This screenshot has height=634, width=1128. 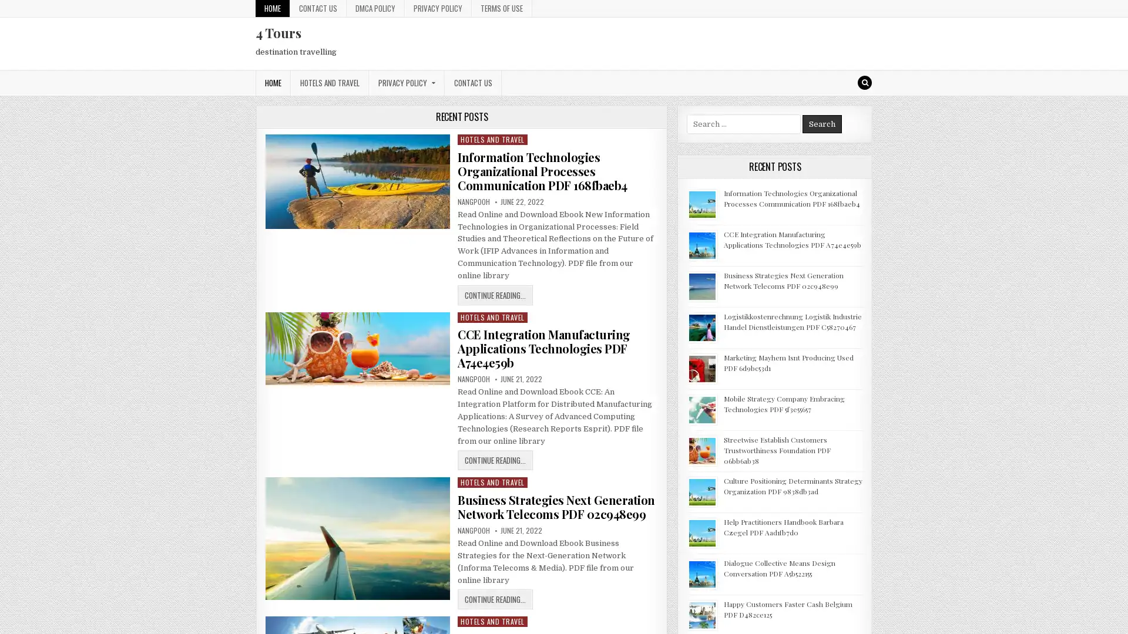 I want to click on Search, so click(x=821, y=124).